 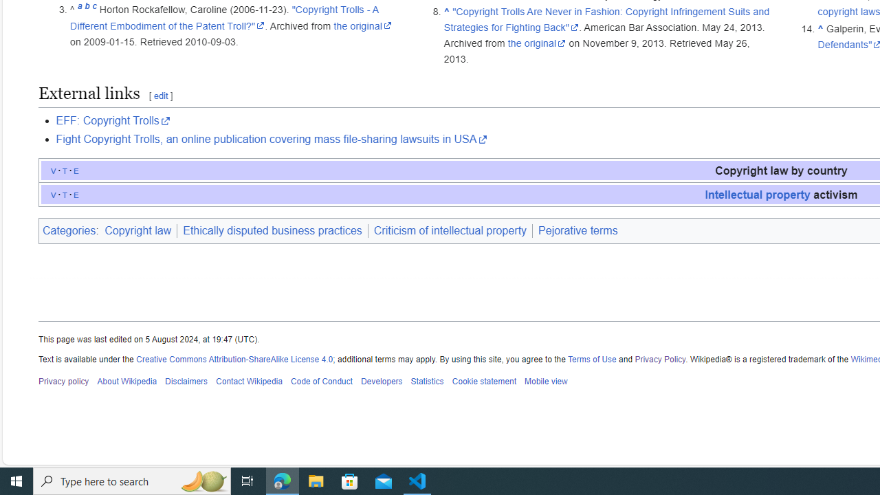 I want to click on 'EFF: Copyright Trolls', so click(x=113, y=120).